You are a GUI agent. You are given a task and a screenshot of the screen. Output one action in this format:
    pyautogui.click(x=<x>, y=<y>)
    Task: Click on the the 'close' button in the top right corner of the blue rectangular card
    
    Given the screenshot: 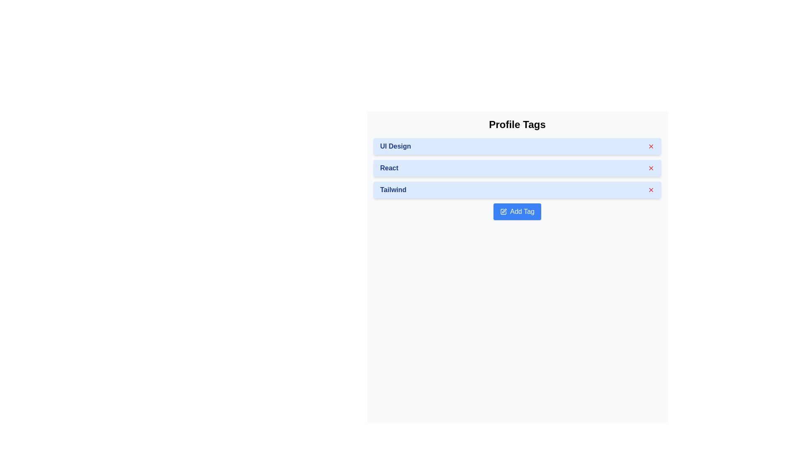 What is the action you would take?
    pyautogui.click(x=650, y=146)
    